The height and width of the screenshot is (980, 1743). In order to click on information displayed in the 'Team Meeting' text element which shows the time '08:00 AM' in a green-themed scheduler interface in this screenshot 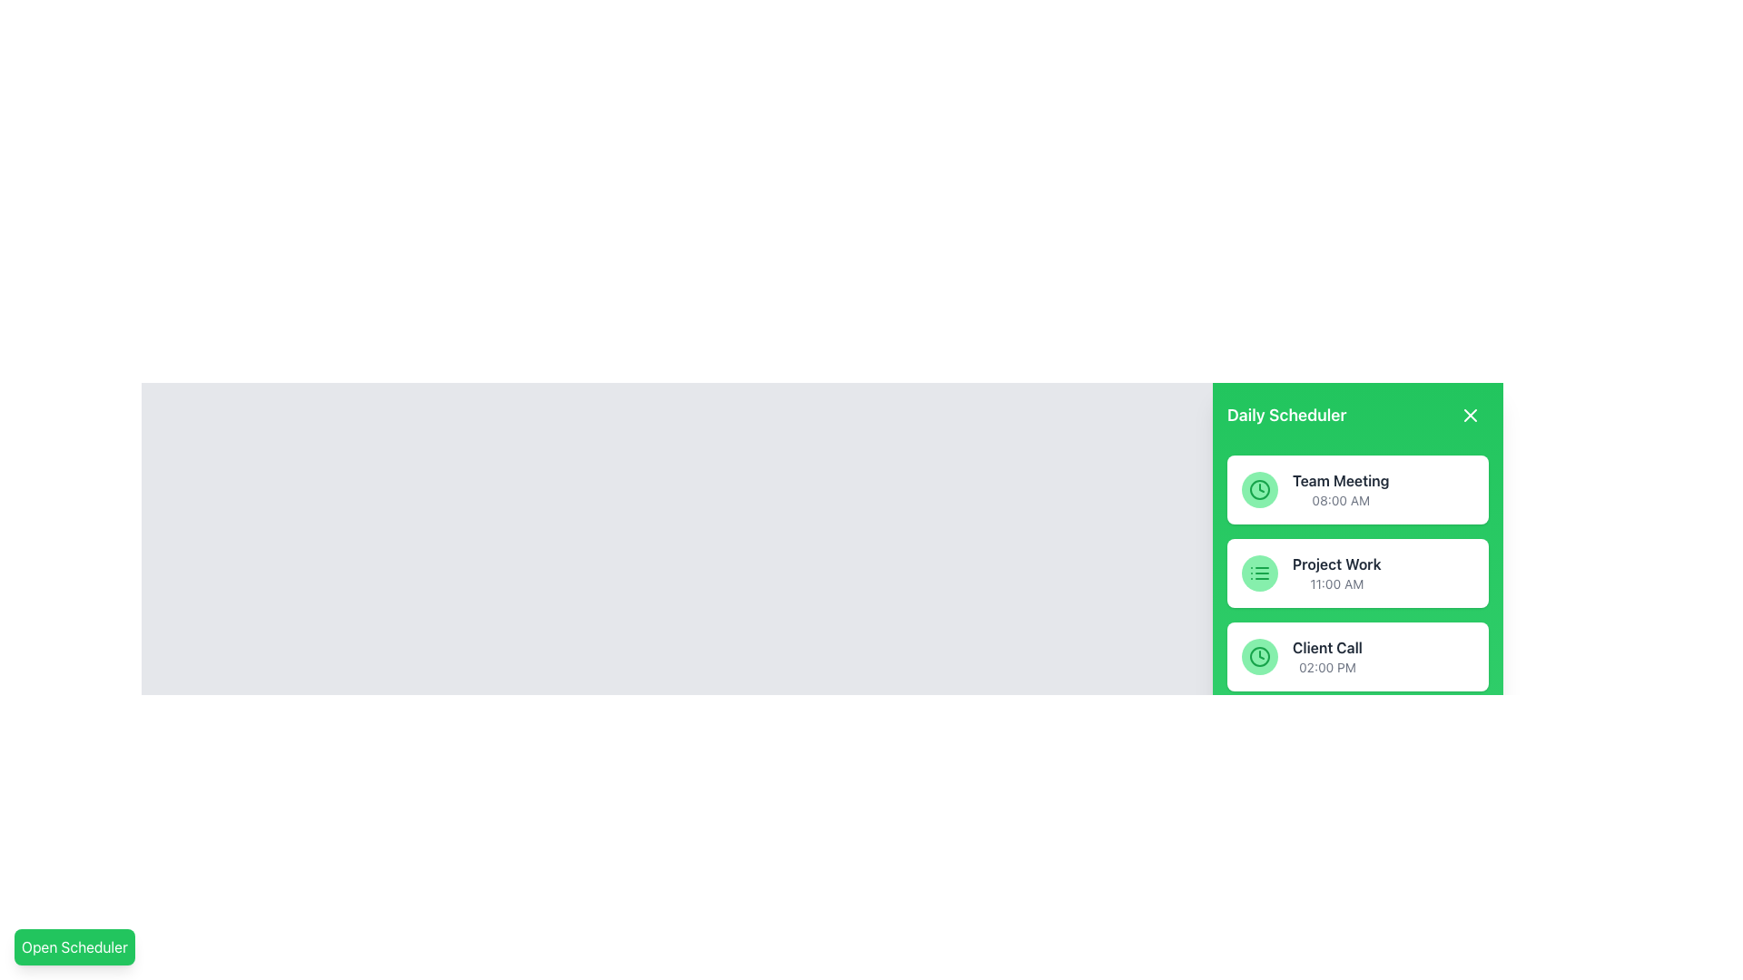, I will do `click(1341, 490)`.